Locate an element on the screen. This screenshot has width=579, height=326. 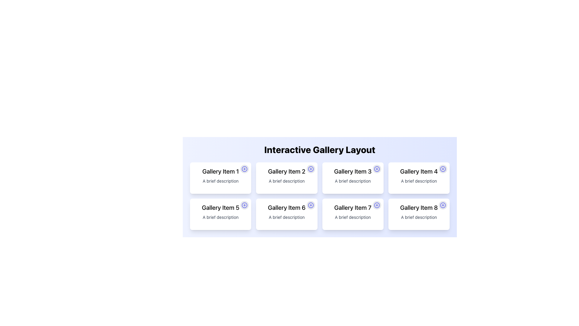
the SVG Circle that is part of the 'circle plus' icon located at the top right corner of the card labeled 'Gallery Item 3' is located at coordinates (376, 169).